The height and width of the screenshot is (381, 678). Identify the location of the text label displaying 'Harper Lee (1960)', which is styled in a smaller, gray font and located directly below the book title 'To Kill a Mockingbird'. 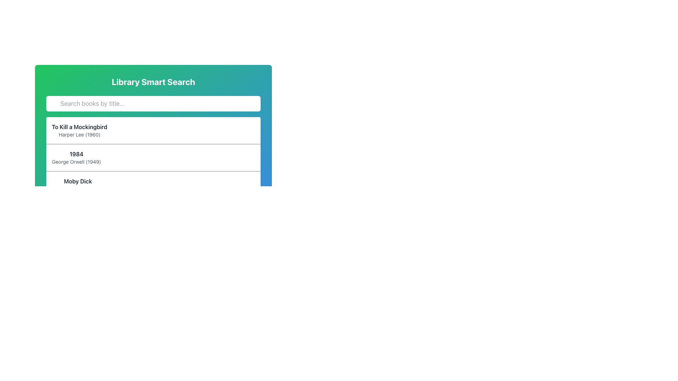
(79, 134).